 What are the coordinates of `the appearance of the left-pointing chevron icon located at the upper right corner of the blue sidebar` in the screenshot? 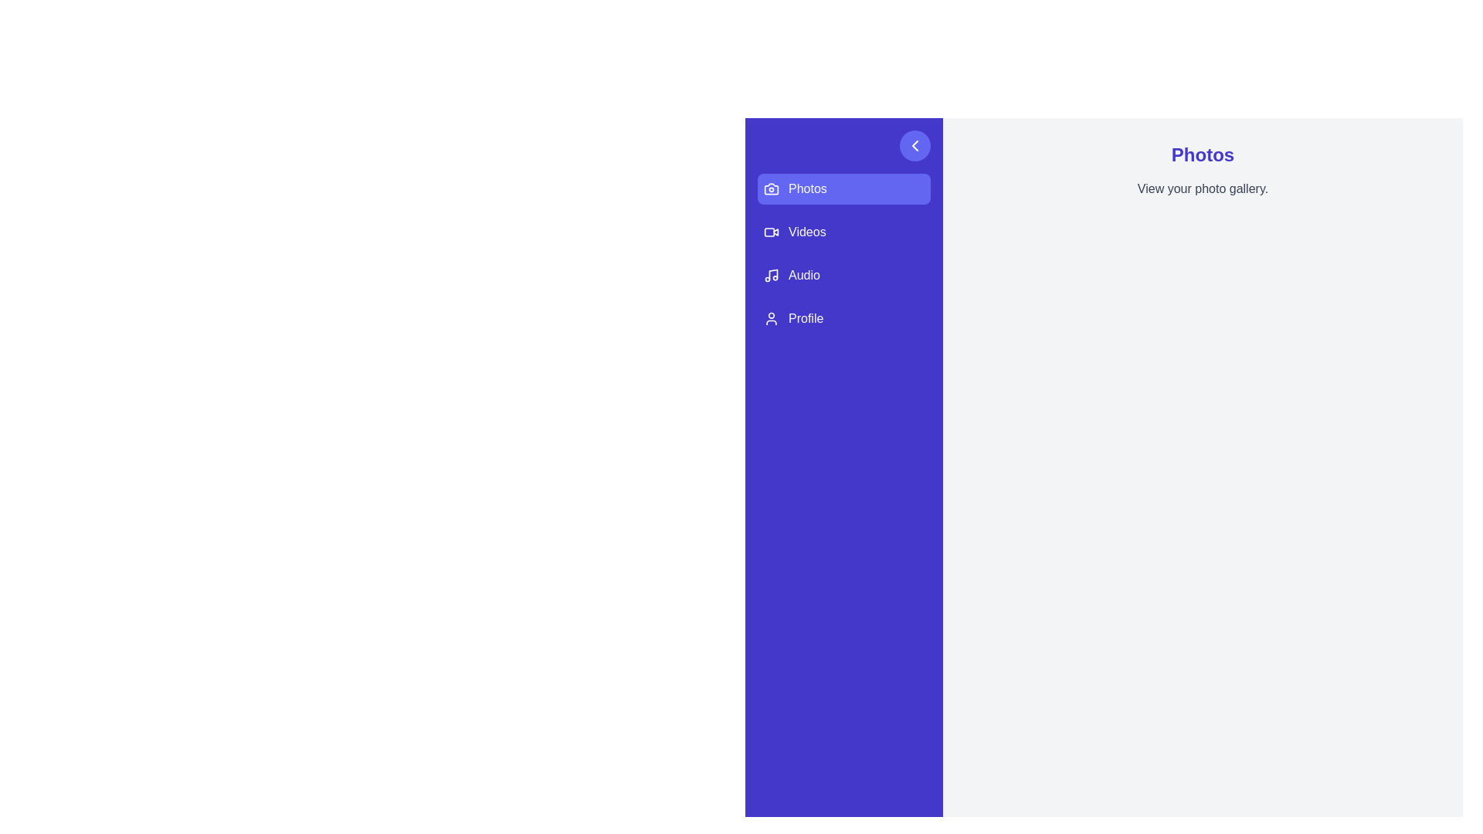 It's located at (915, 146).